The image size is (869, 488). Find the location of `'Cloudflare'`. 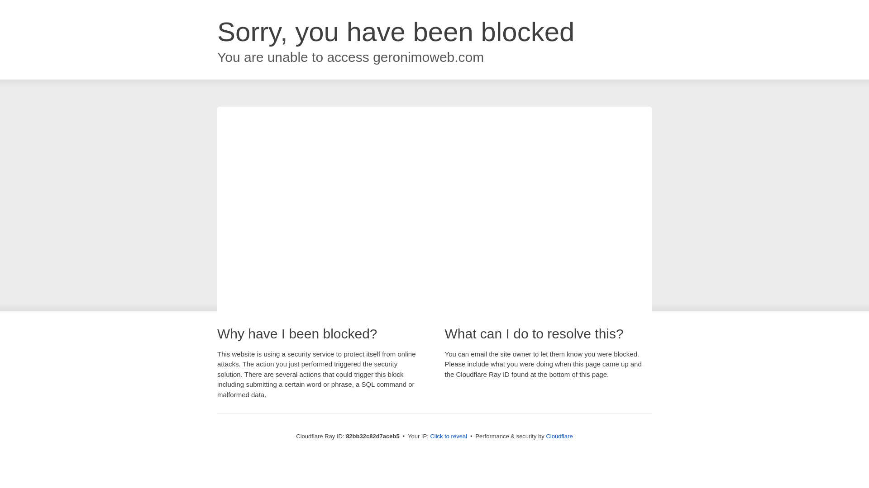

'Cloudflare' is located at coordinates (559, 436).